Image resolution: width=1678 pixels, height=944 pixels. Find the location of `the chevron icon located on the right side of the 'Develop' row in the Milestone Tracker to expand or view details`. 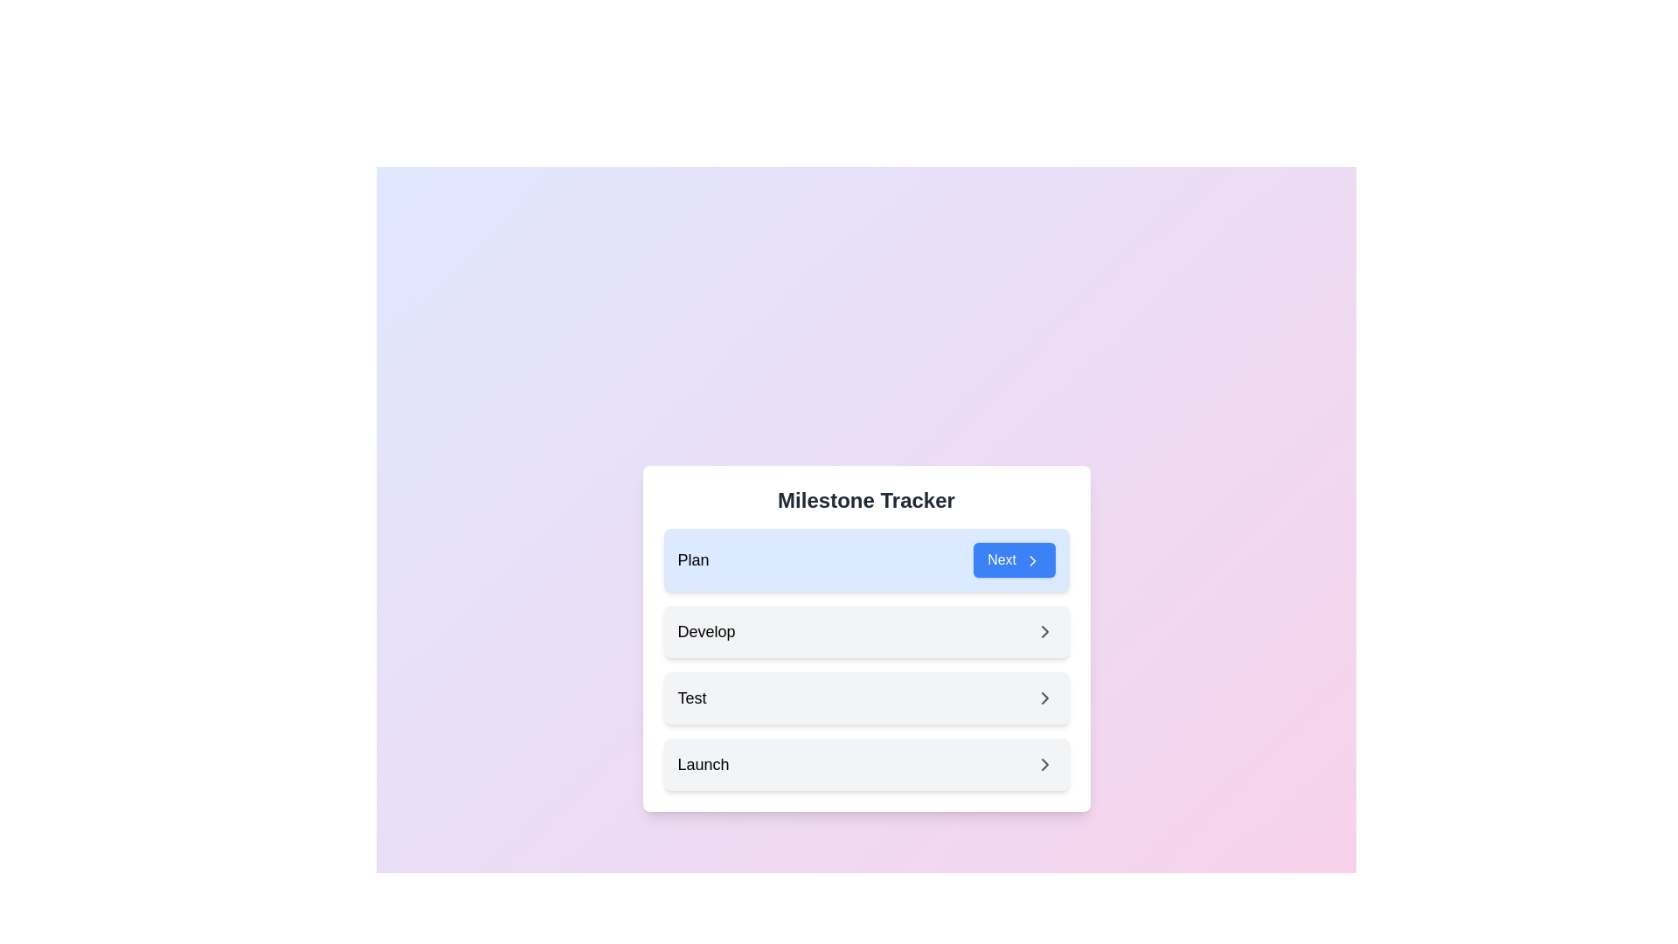

the chevron icon located on the right side of the 'Develop' row in the Milestone Tracker to expand or view details is located at coordinates (1044, 631).